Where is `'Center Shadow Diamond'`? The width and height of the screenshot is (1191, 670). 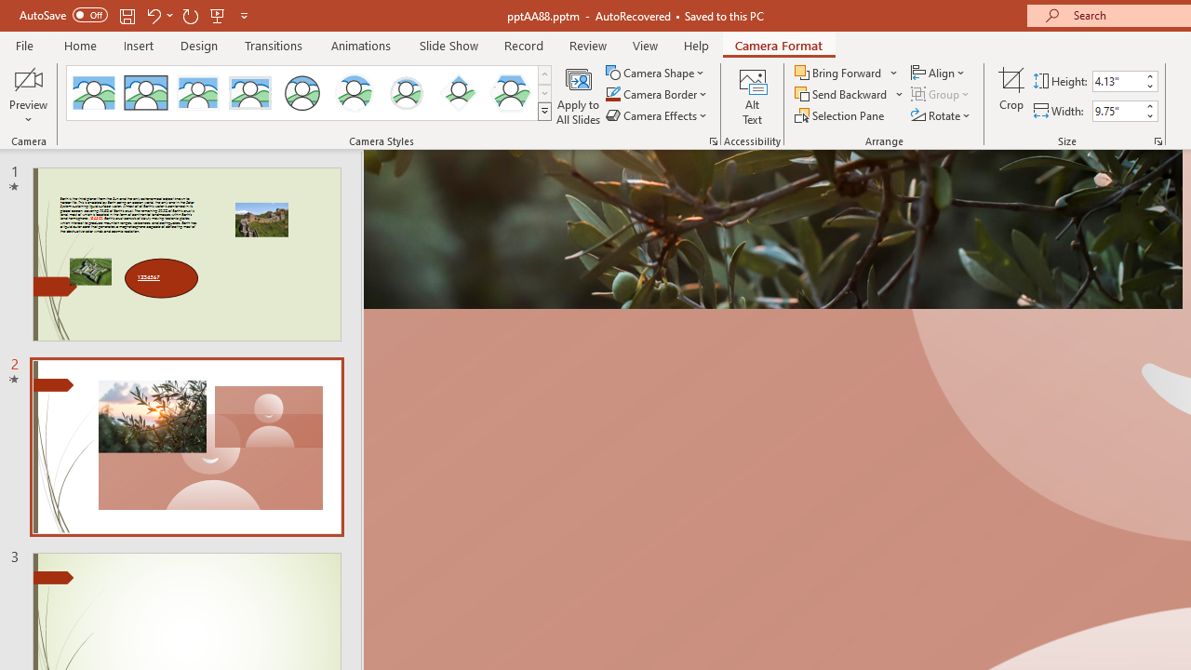
'Center Shadow Diamond' is located at coordinates (458, 93).